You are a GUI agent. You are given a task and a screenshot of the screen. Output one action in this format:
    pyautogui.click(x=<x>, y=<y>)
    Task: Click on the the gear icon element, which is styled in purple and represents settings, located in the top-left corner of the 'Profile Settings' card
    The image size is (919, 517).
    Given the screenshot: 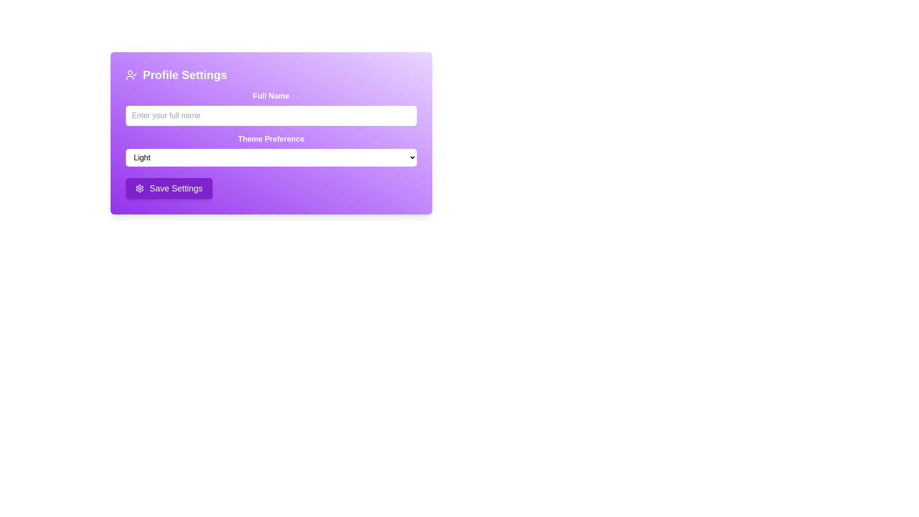 What is the action you would take?
    pyautogui.click(x=139, y=188)
    